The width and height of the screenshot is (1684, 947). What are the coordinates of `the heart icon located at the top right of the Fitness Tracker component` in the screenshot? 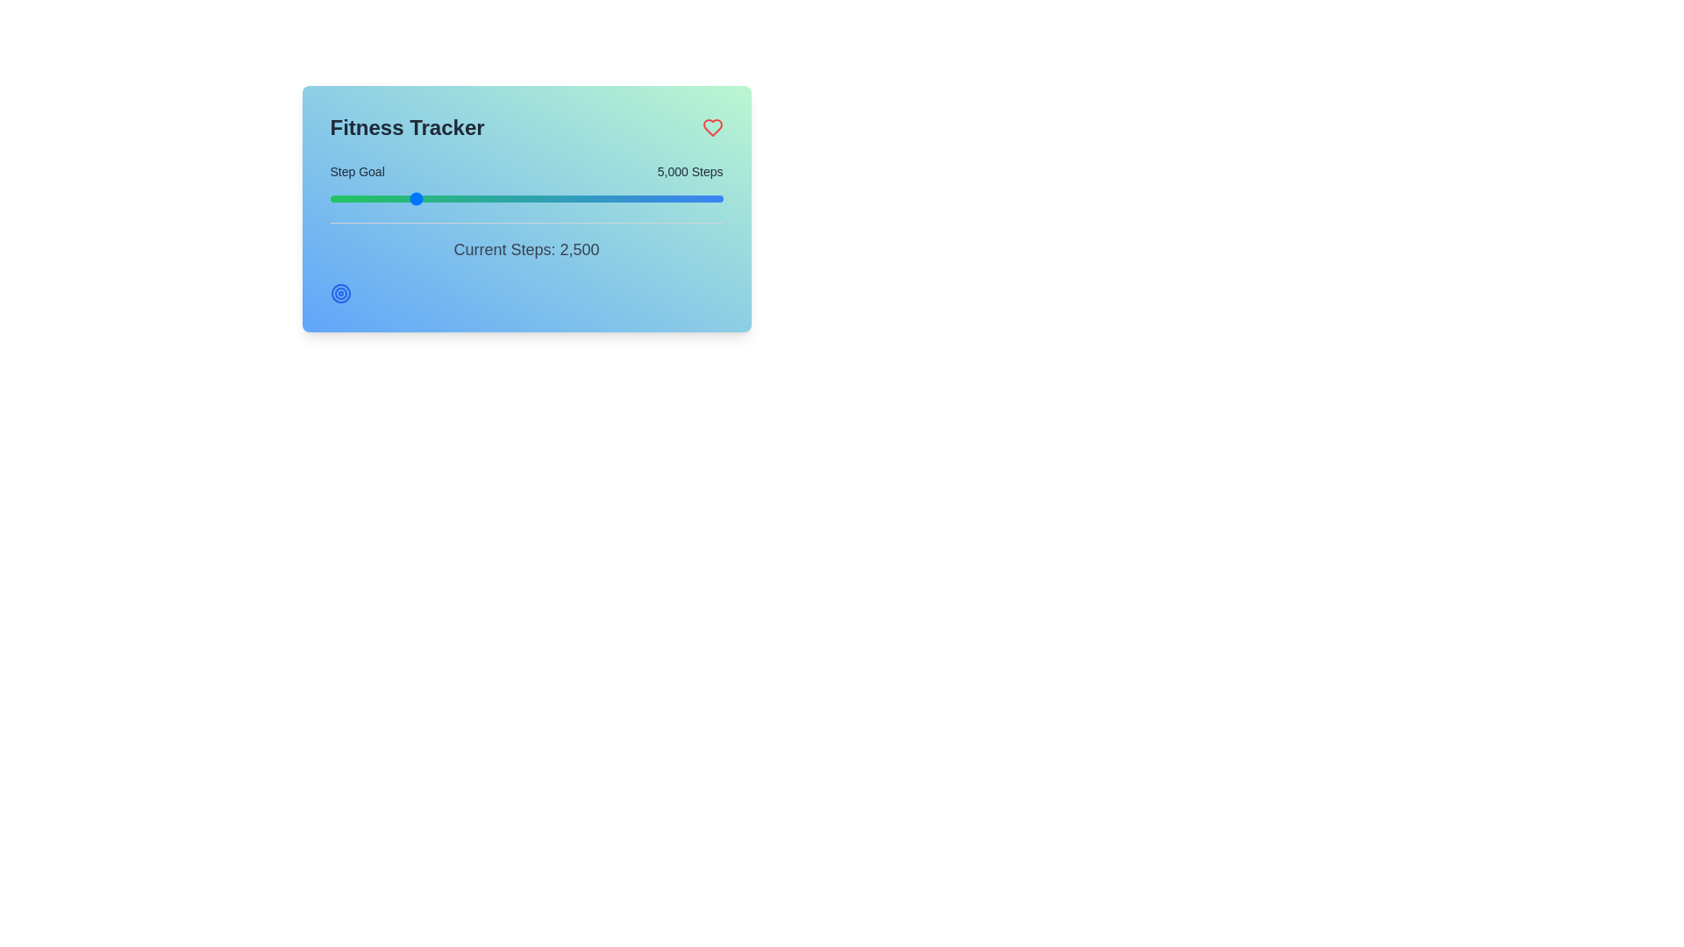 It's located at (712, 127).